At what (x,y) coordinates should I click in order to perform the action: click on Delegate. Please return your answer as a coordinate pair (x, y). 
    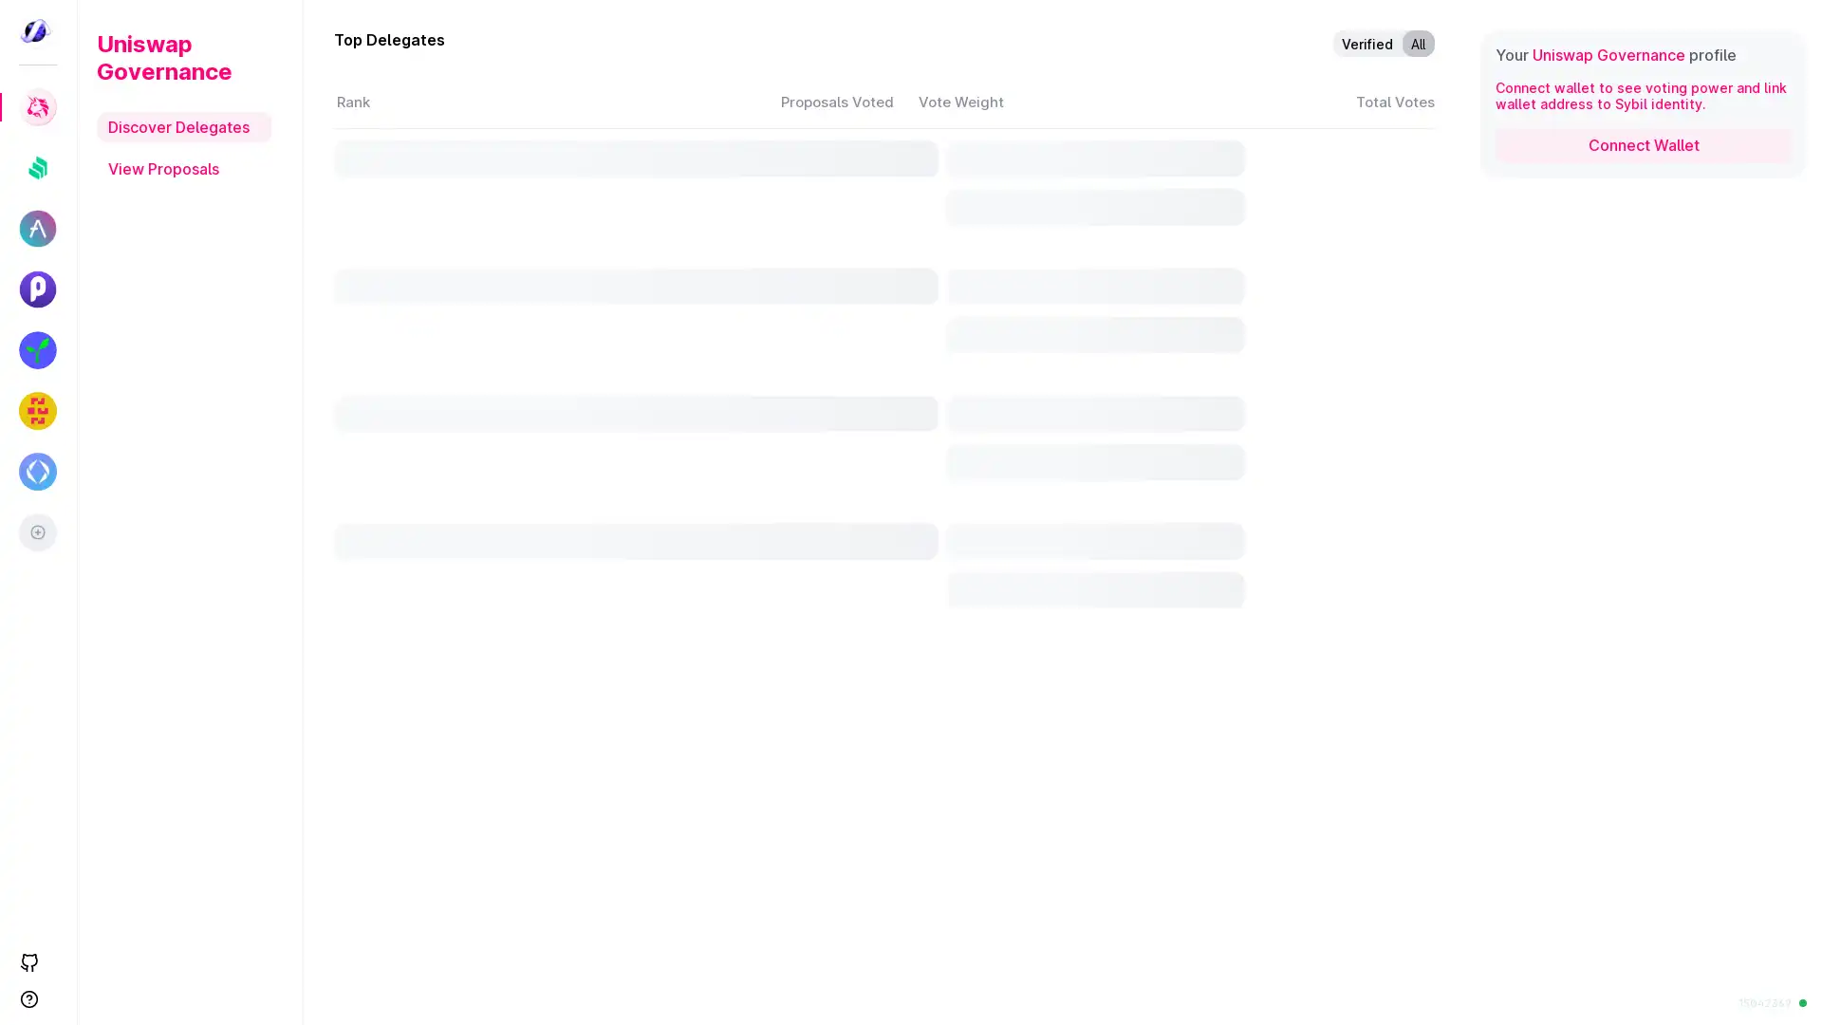
    Looking at the image, I should click on (1258, 551).